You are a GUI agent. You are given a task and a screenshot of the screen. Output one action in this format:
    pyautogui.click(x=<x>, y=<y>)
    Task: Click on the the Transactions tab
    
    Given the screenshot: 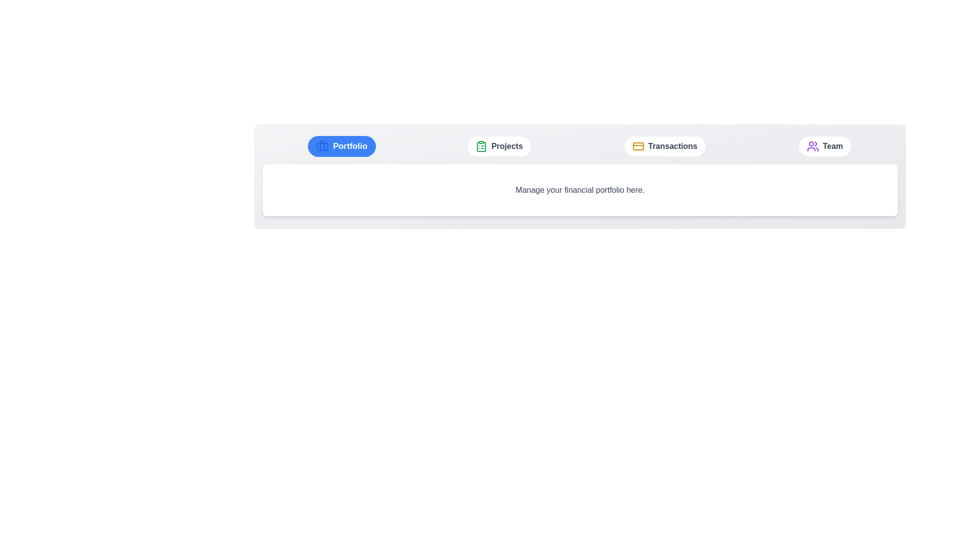 What is the action you would take?
    pyautogui.click(x=664, y=146)
    